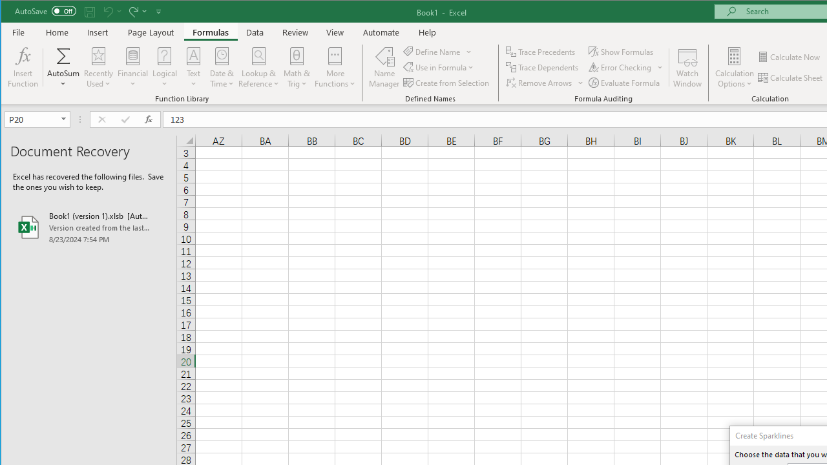  I want to click on 'Trace Precedents', so click(541, 51).